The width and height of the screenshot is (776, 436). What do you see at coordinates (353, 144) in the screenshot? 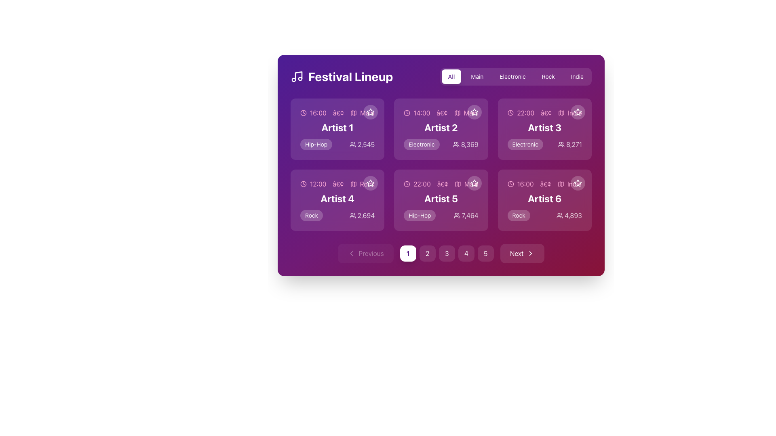
I see `the group of people icon located in the top-left card under 'Artist 1', which is visually styled with a simple outline design and positioned to the left of the number '2,545'` at bounding box center [353, 144].